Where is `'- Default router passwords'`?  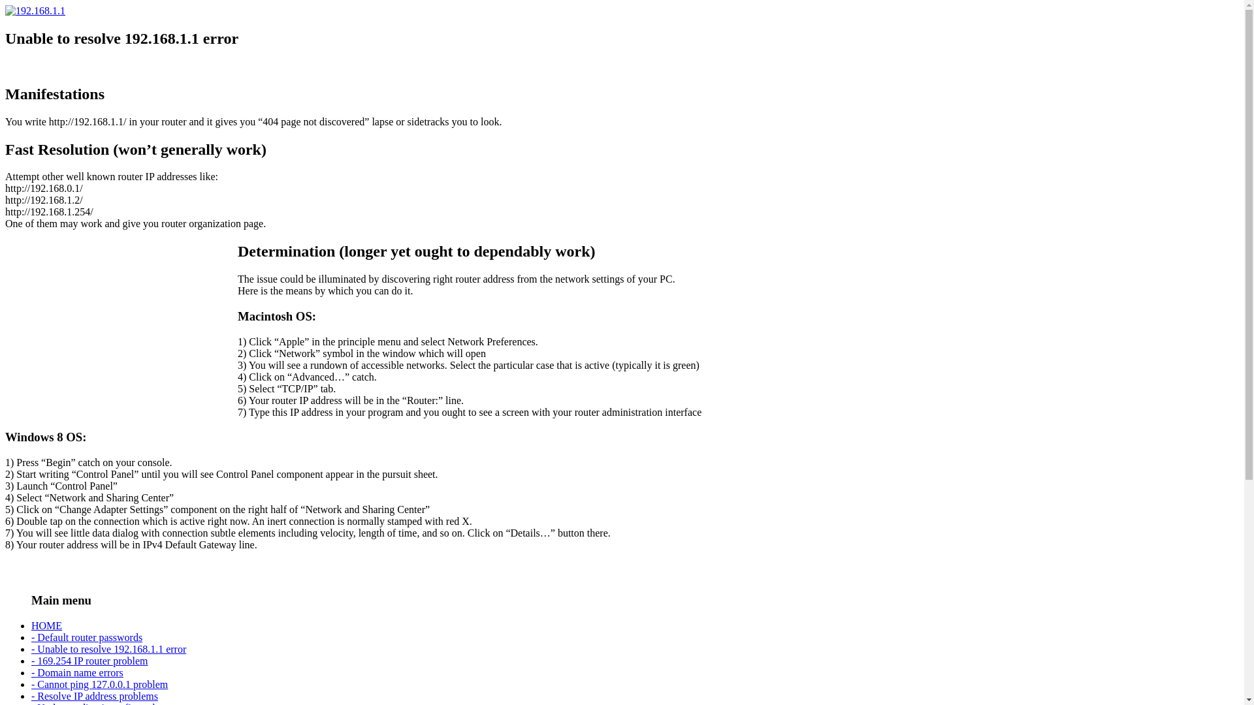 '- Default router passwords' is located at coordinates (86, 636).